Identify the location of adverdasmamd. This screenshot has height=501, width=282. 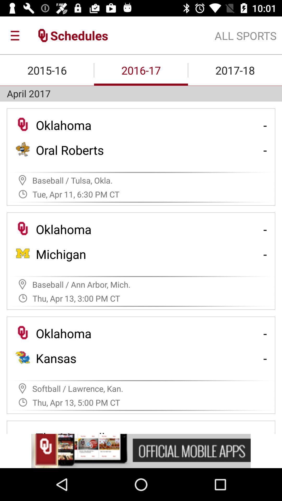
(141, 451).